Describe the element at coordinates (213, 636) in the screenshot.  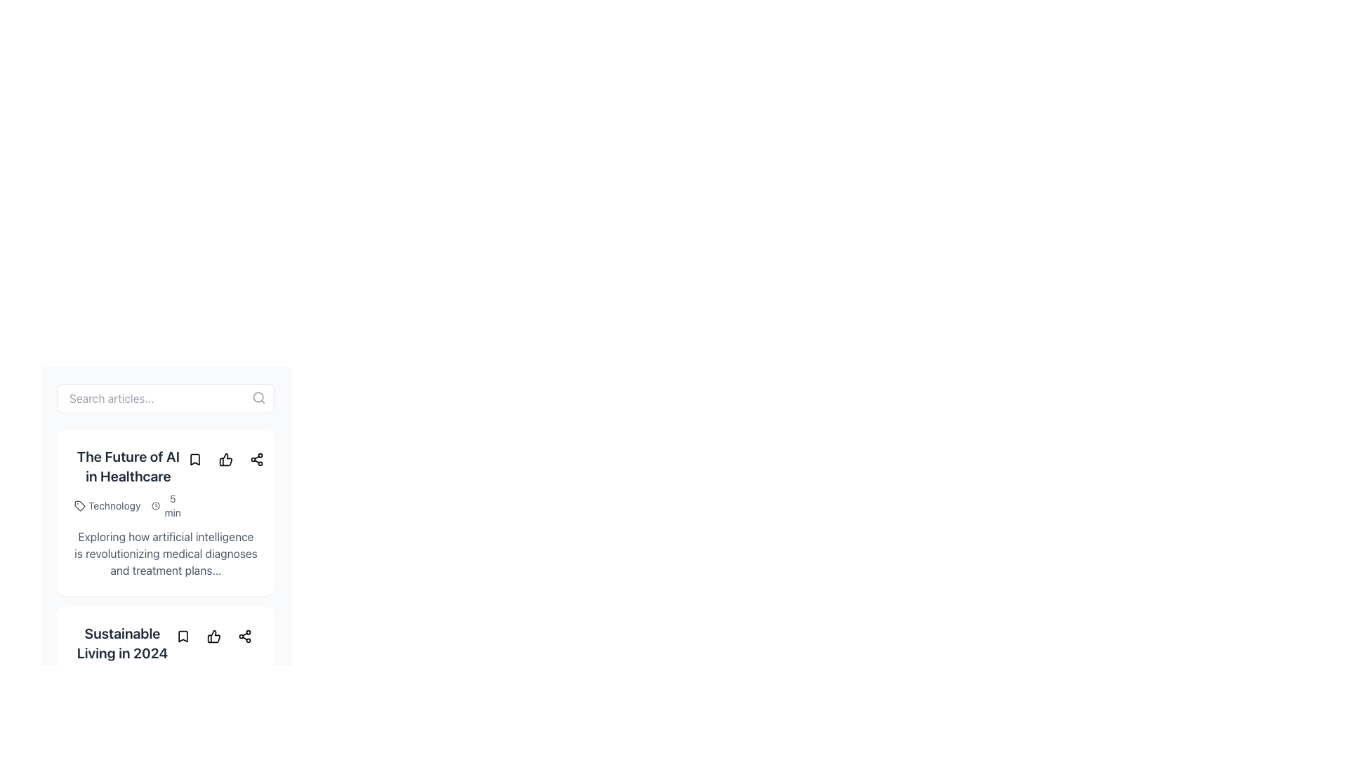
I see `the thumbs-up icon located underneath the article titled 'Sustainable Living in 2024' to express approval for the content` at that location.